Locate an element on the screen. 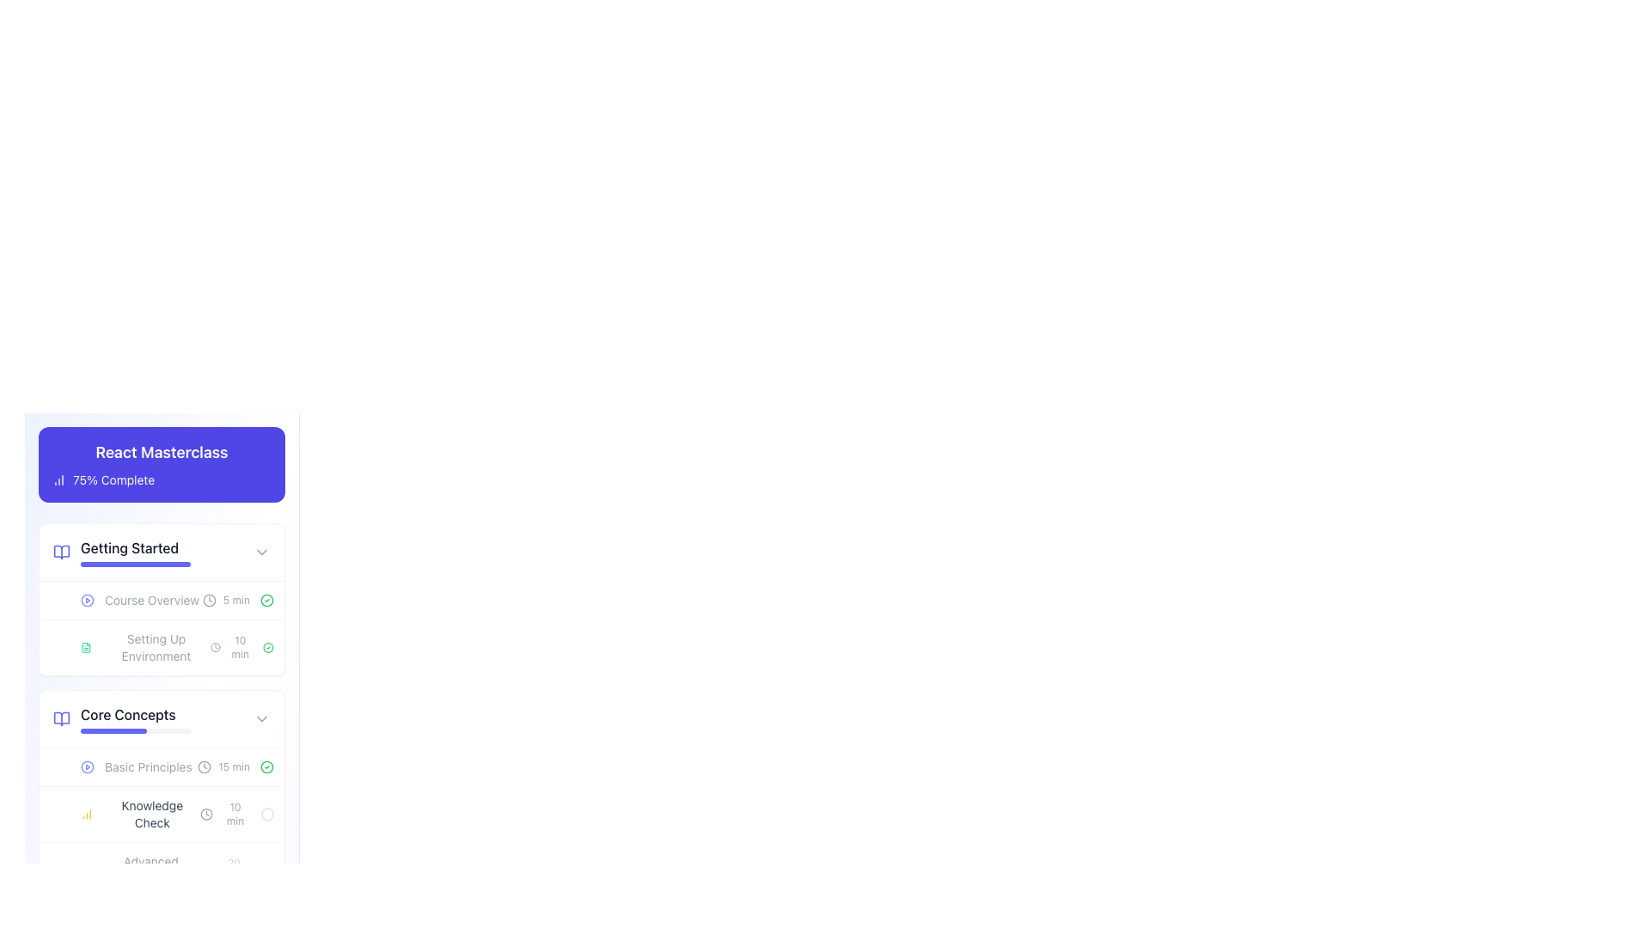  the completion icon located to the right of the '15 min' text, which indicates a completed task in a to-do list is located at coordinates (266, 766).